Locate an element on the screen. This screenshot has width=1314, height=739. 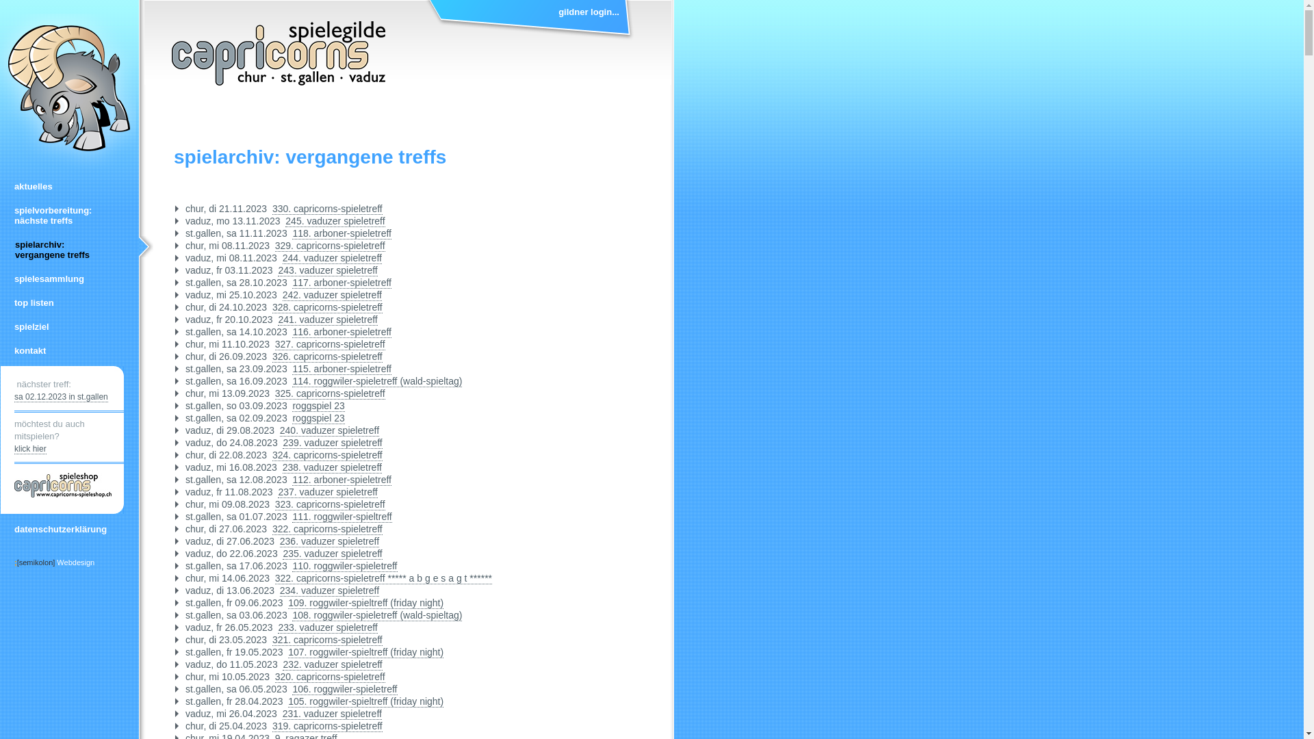
'106. roggwiler-spieletreff' is located at coordinates (292, 689).